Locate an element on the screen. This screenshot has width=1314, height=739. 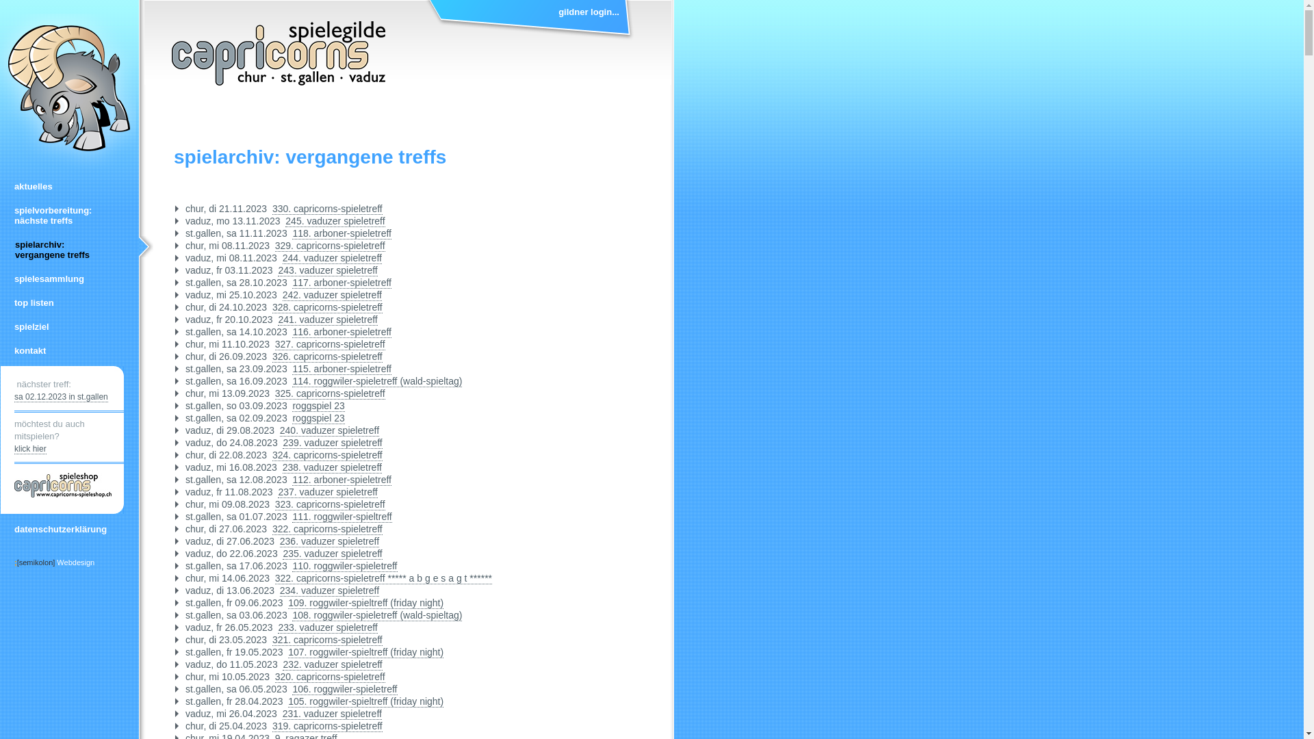
'106. roggwiler-spieletreff' is located at coordinates (292, 689).